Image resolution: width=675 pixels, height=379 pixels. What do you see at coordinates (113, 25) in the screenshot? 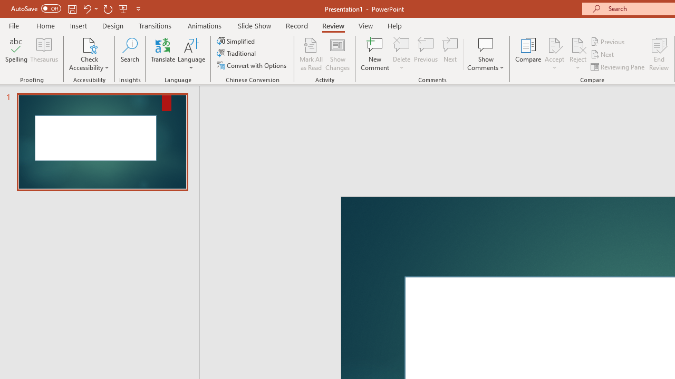
I see `'Design'` at bounding box center [113, 25].